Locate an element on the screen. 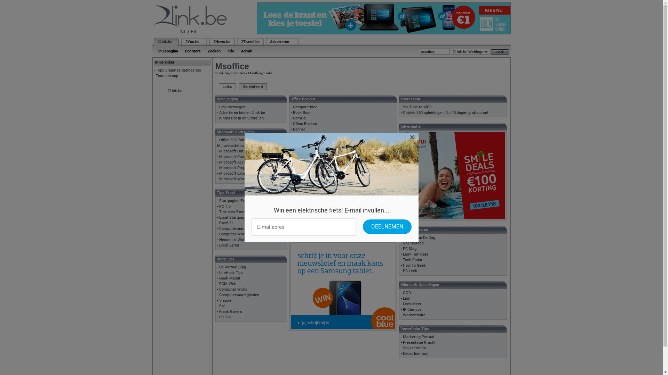 The height and width of the screenshot is (375, 668). 'De Vertaal Slag' is located at coordinates (218, 267).